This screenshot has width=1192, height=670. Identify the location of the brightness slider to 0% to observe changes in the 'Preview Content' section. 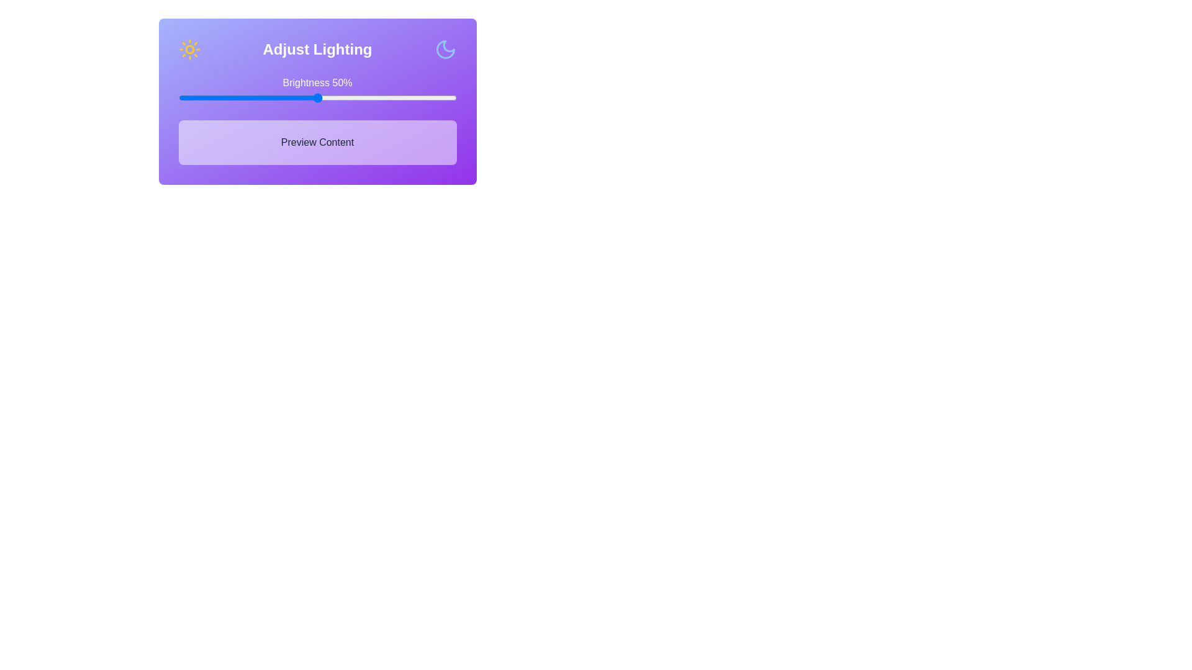
(178, 97).